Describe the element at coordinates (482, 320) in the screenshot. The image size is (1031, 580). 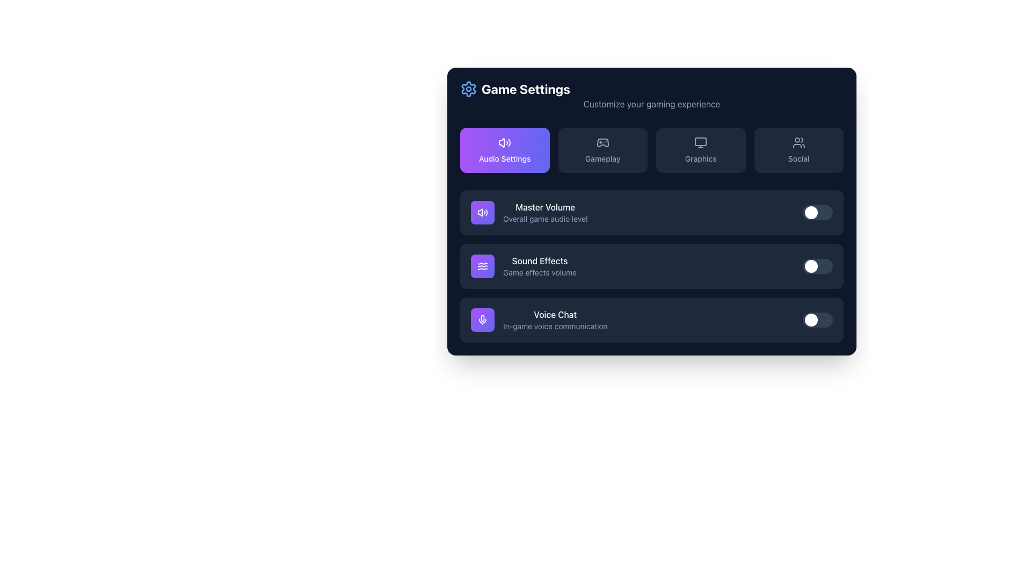
I see `the microphone icon located in the bottom row of the settings options next to the 'Voice Chat' label` at that location.